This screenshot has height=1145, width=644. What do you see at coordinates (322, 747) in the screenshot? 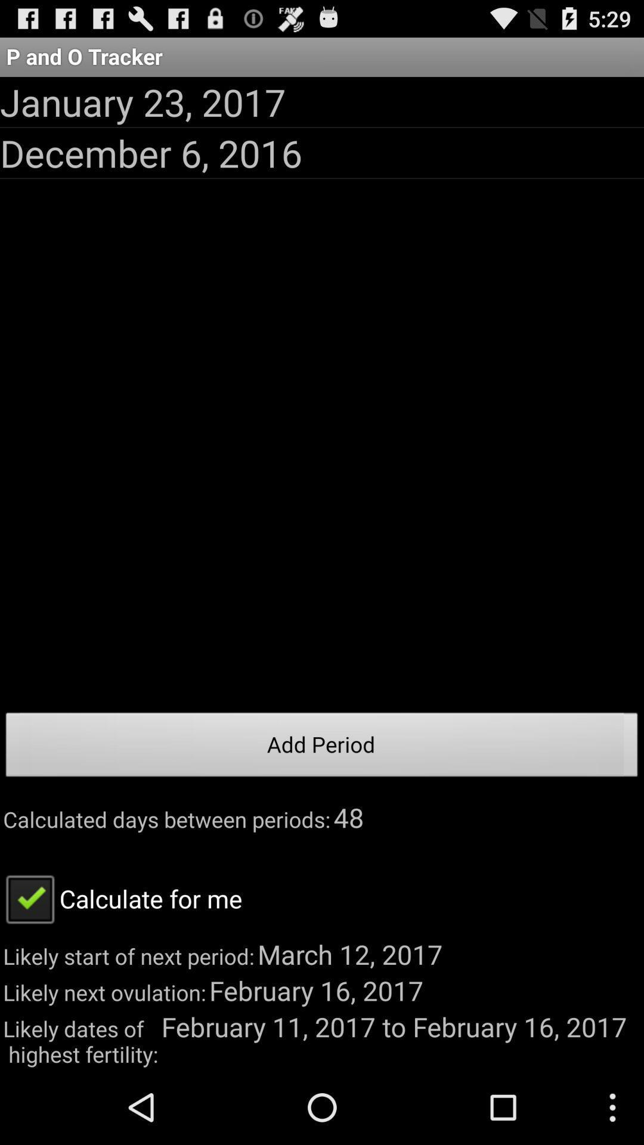
I see `the add period` at bounding box center [322, 747].